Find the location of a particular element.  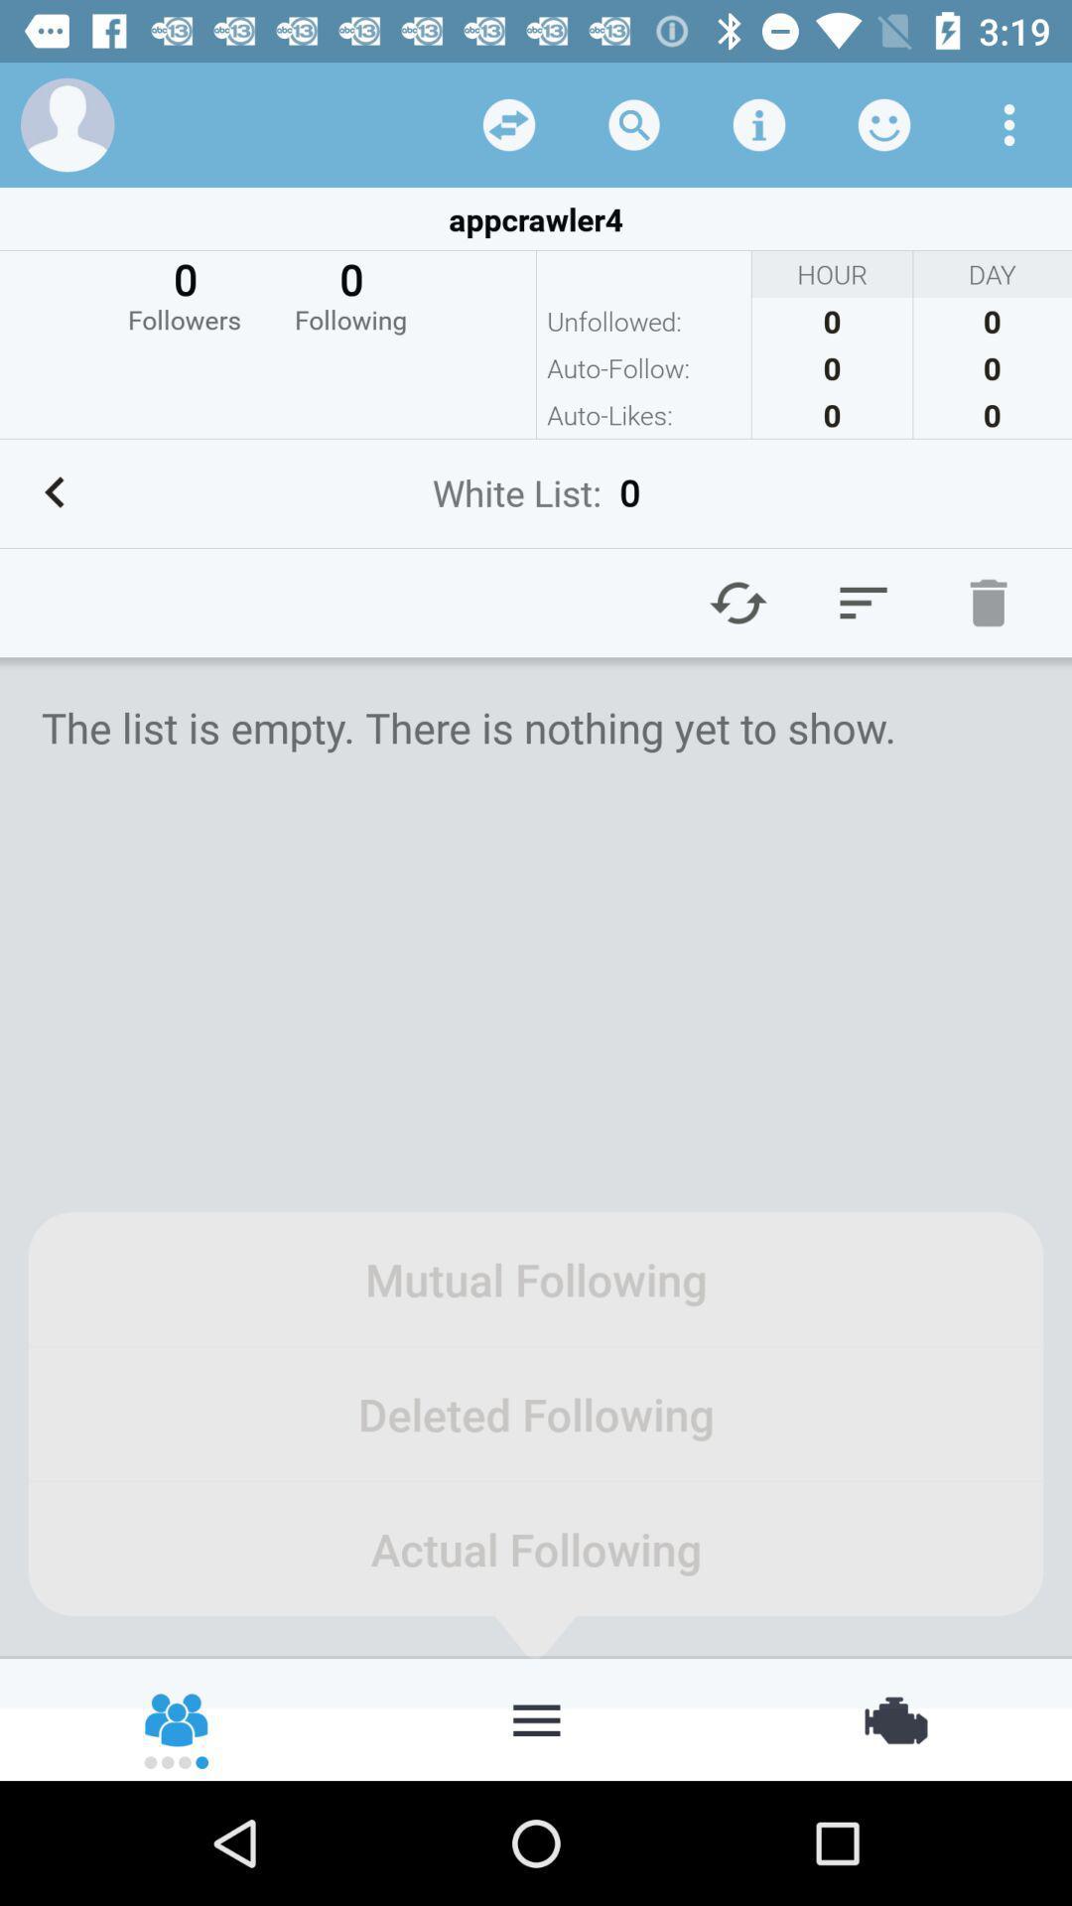

click the profile picture is located at coordinates (67, 123).